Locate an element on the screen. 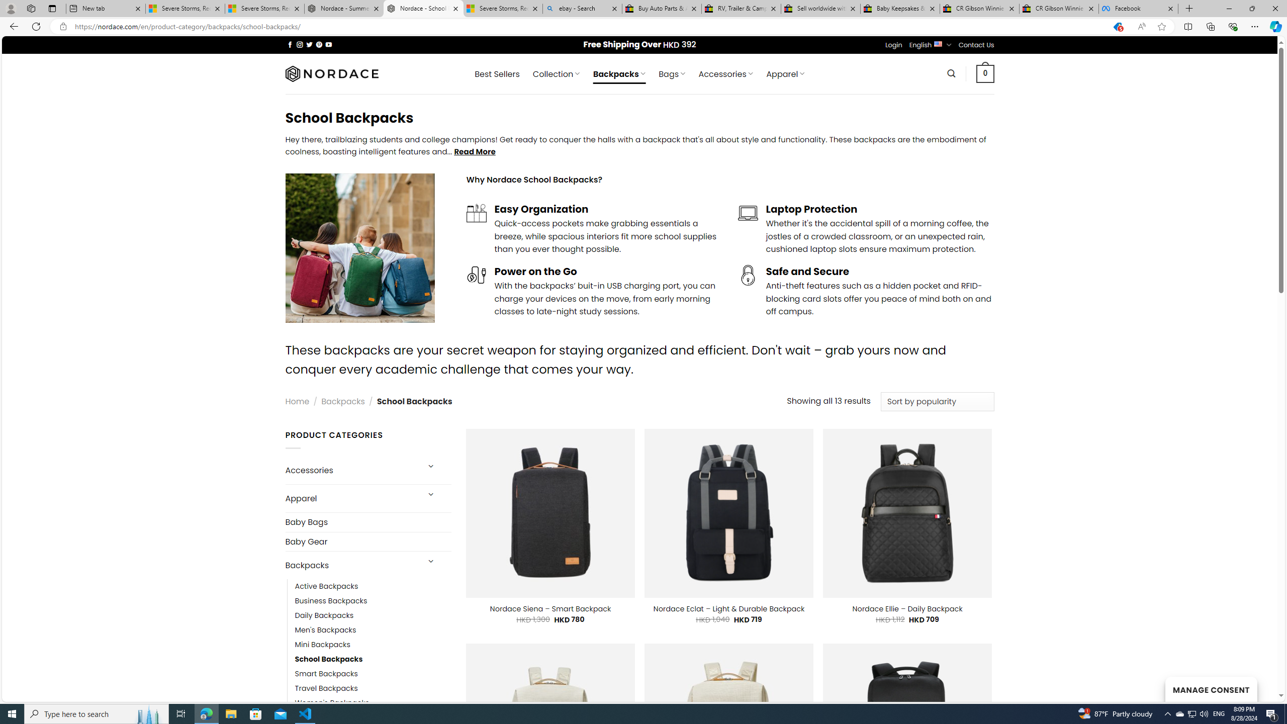  'Women' is located at coordinates (373, 702).